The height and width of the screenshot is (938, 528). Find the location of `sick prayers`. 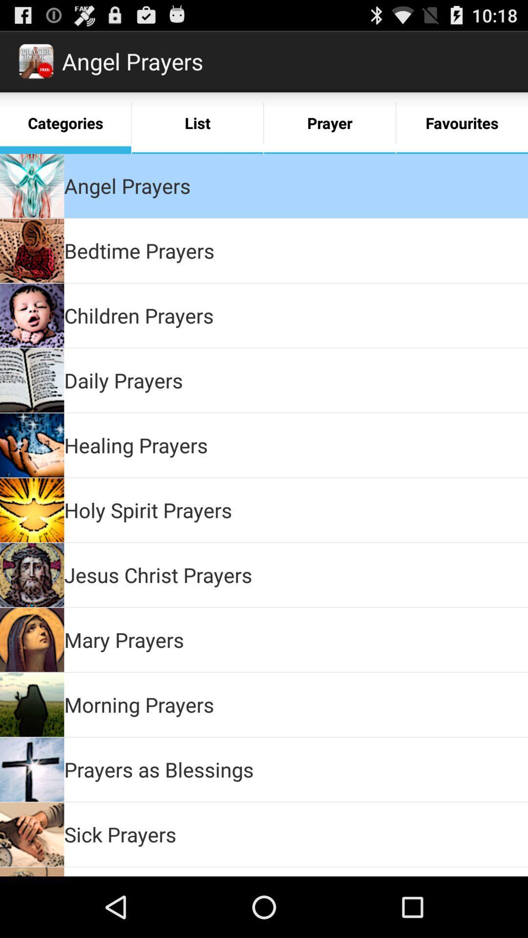

sick prayers is located at coordinates (120, 833).